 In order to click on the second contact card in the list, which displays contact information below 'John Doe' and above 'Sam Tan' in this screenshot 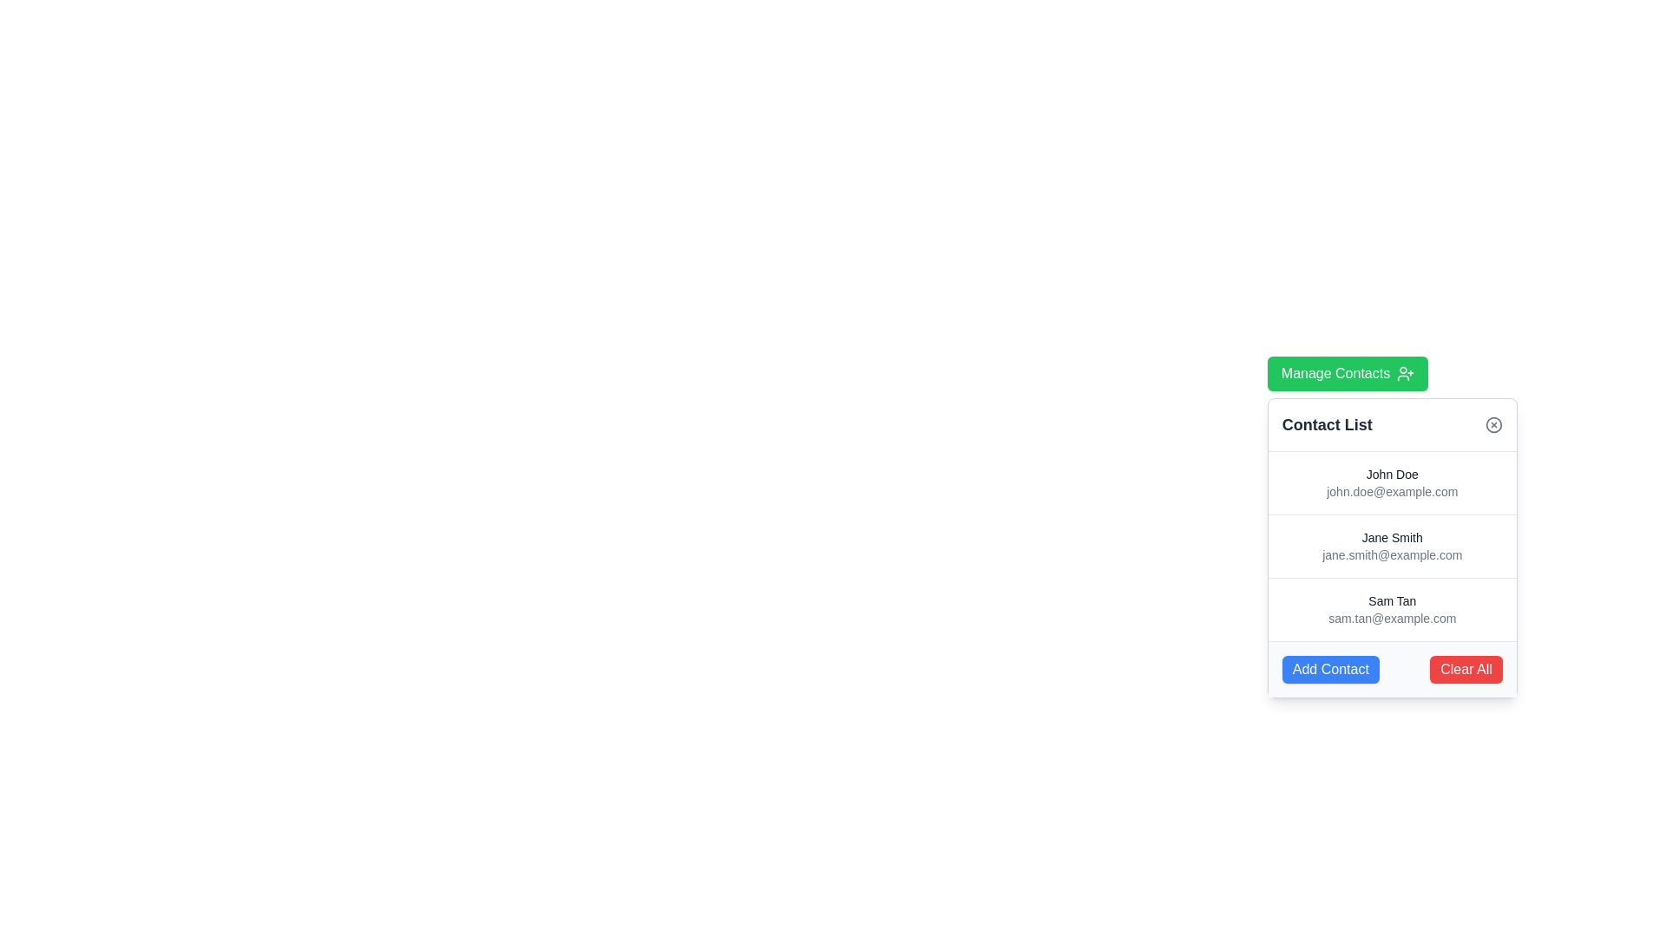, I will do `click(1392, 545)`.